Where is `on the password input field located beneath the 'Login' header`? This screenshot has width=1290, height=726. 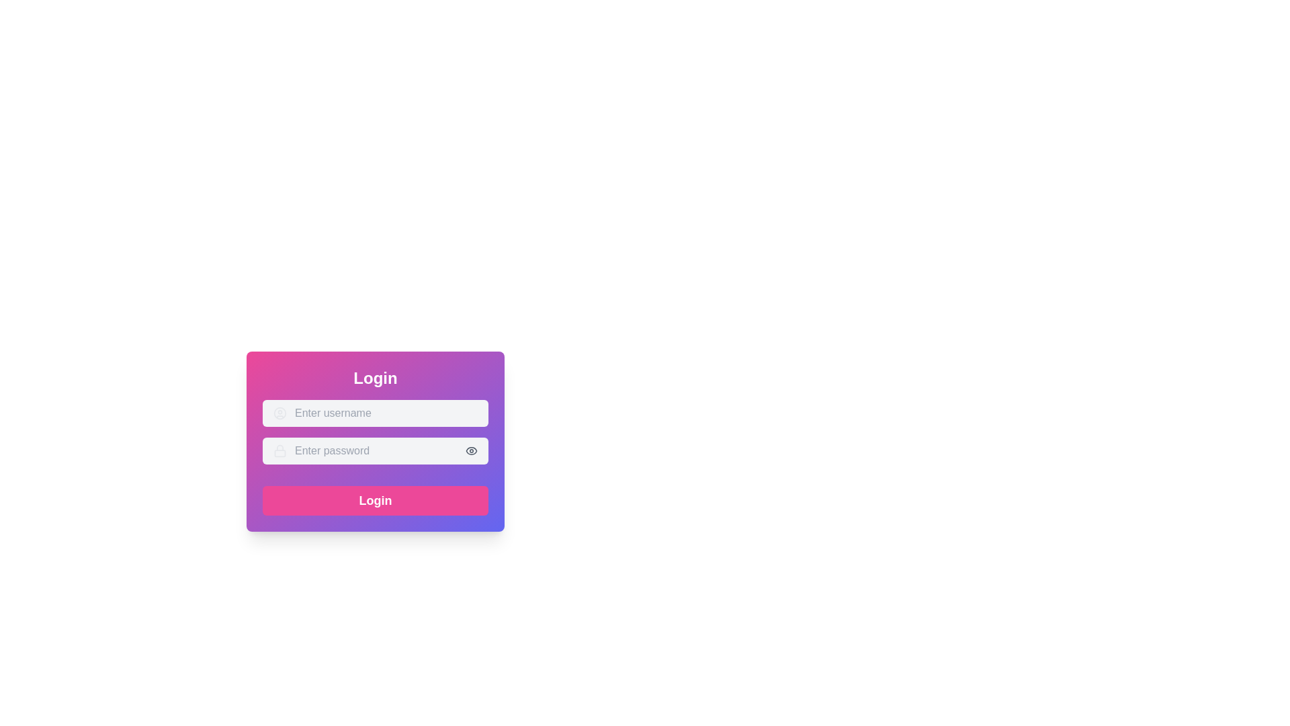 on the password input field located beneath the 'Login' header is located at coordinates (375, 441).